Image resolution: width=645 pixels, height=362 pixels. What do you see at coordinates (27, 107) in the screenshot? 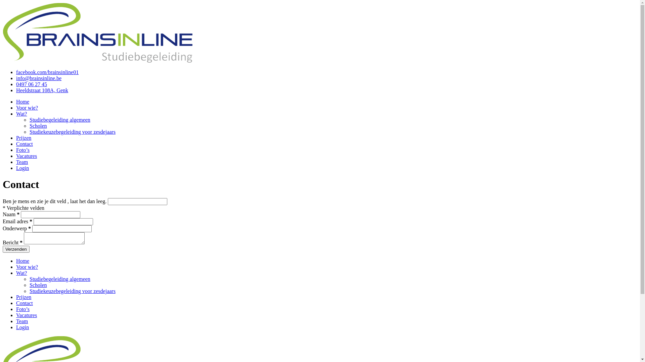
I see `'Voor wie?'` at bounding box center [27, 107].